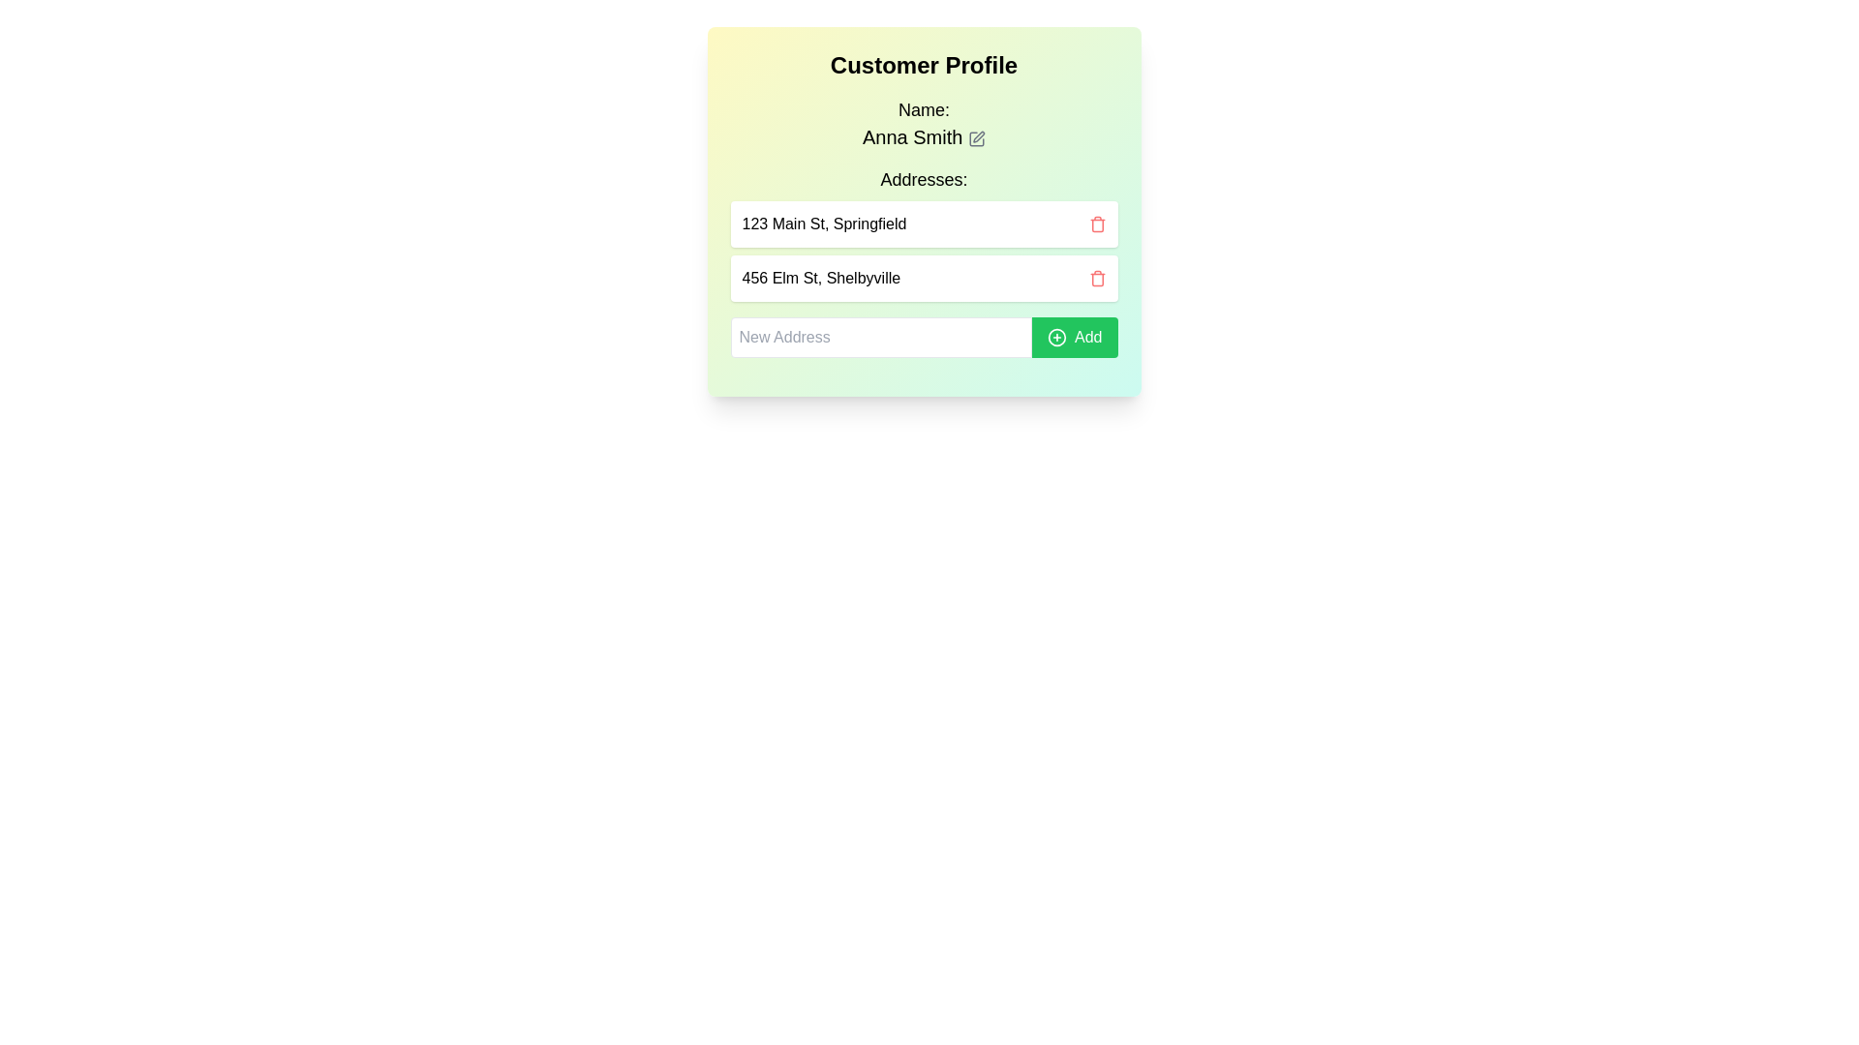 The image size is (1859, 1045). Describe the element at coordinates (923, 123) in the screenshot. I see `the text display element containing the label 'Name:' and the user name 'Anna Smith' for information retrieval` at that location.